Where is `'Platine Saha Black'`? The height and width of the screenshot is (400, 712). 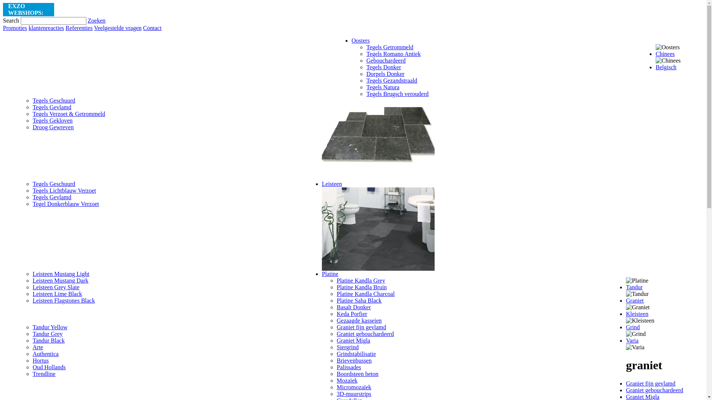 'Platine Saha Black' is located at coordinates (359, 300).